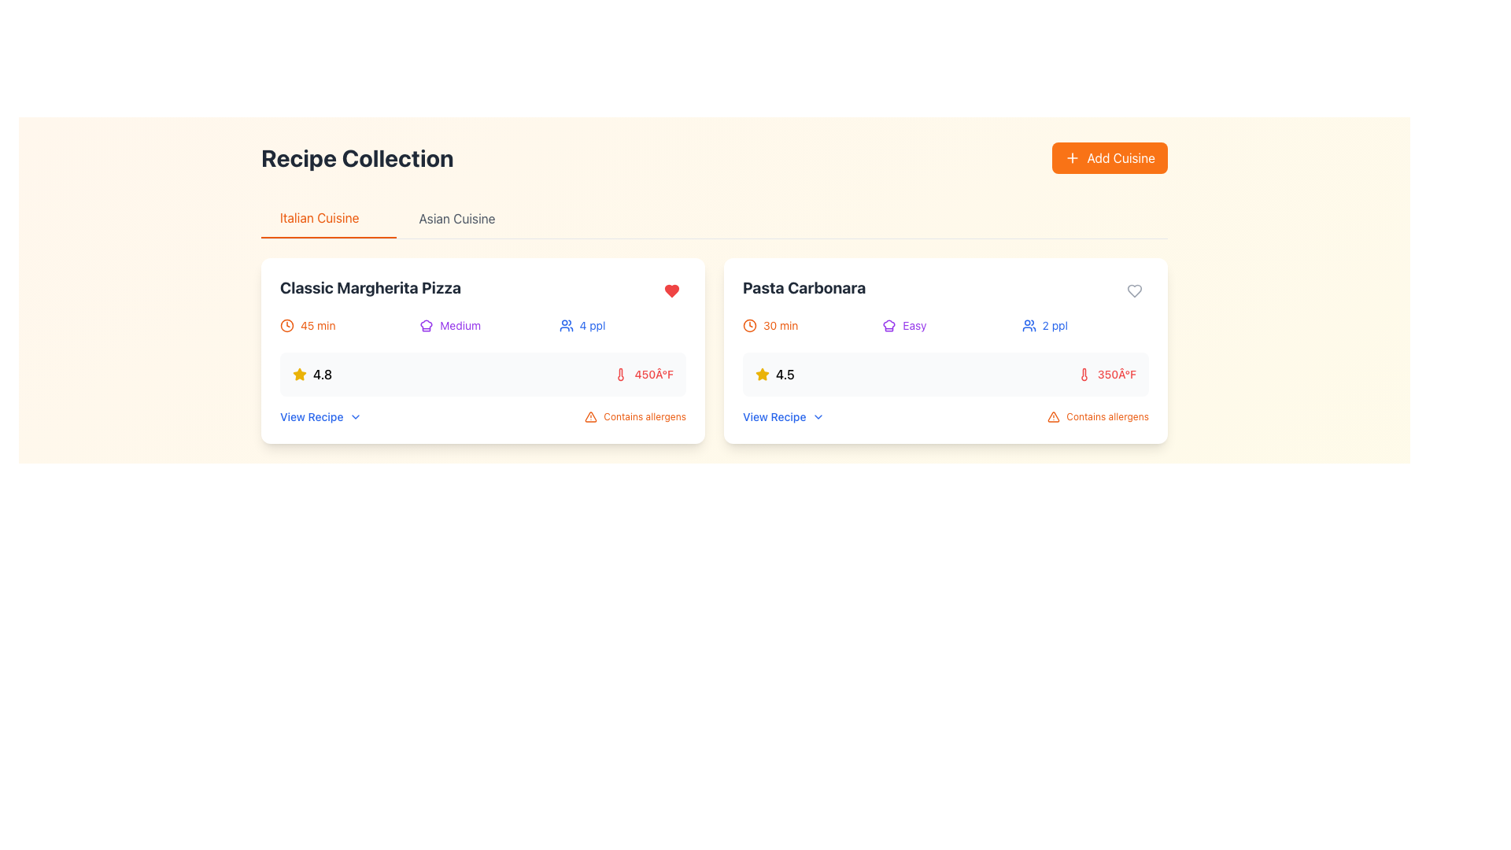 This screenshot has height=850, width=1511. Describe the element at coordinates (312, 374) in the screenshot. I see `the numerical rating '4.8' of the rating display component, which is visually represented by a yellow star icon and is located in the 'Classic Margherita Pizza' section of the recipe card` at that location.